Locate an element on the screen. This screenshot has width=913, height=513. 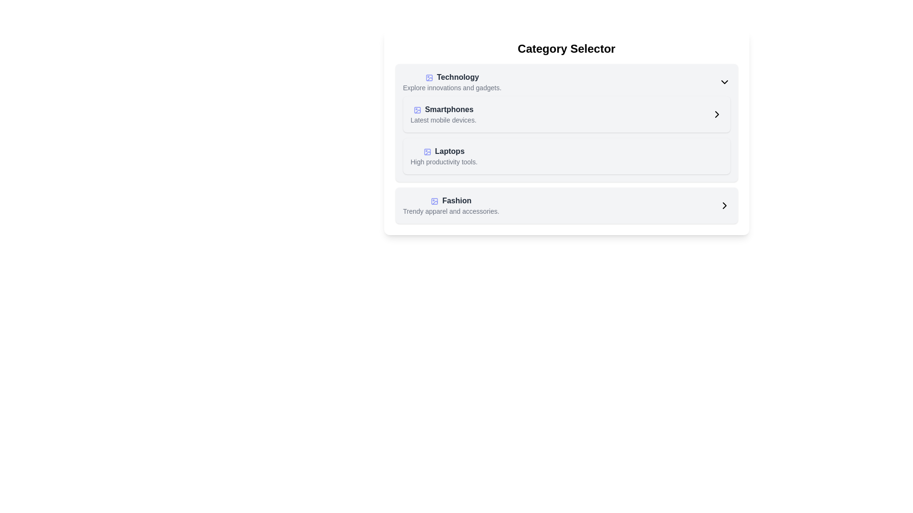
the small light indigo icon located to the left of the 'Fashion' text is located at coordinates (434, 200).